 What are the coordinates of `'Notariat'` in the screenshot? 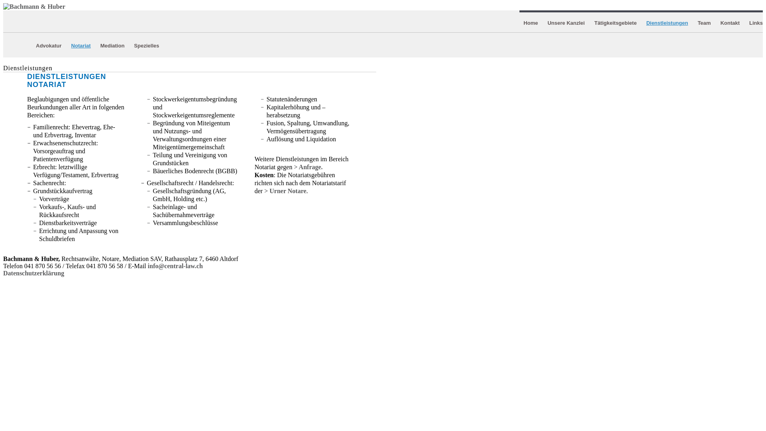 It's located at (81, 45).